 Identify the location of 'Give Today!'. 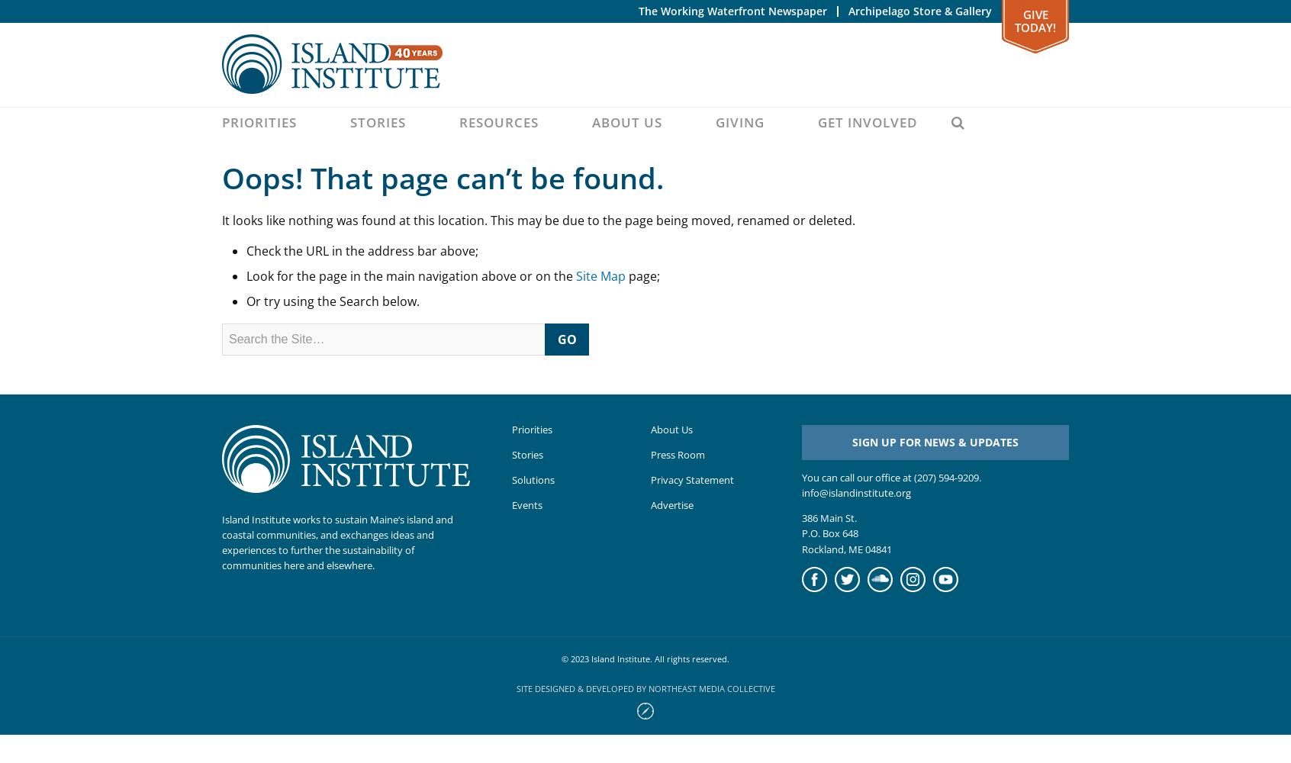
(1035, 21).